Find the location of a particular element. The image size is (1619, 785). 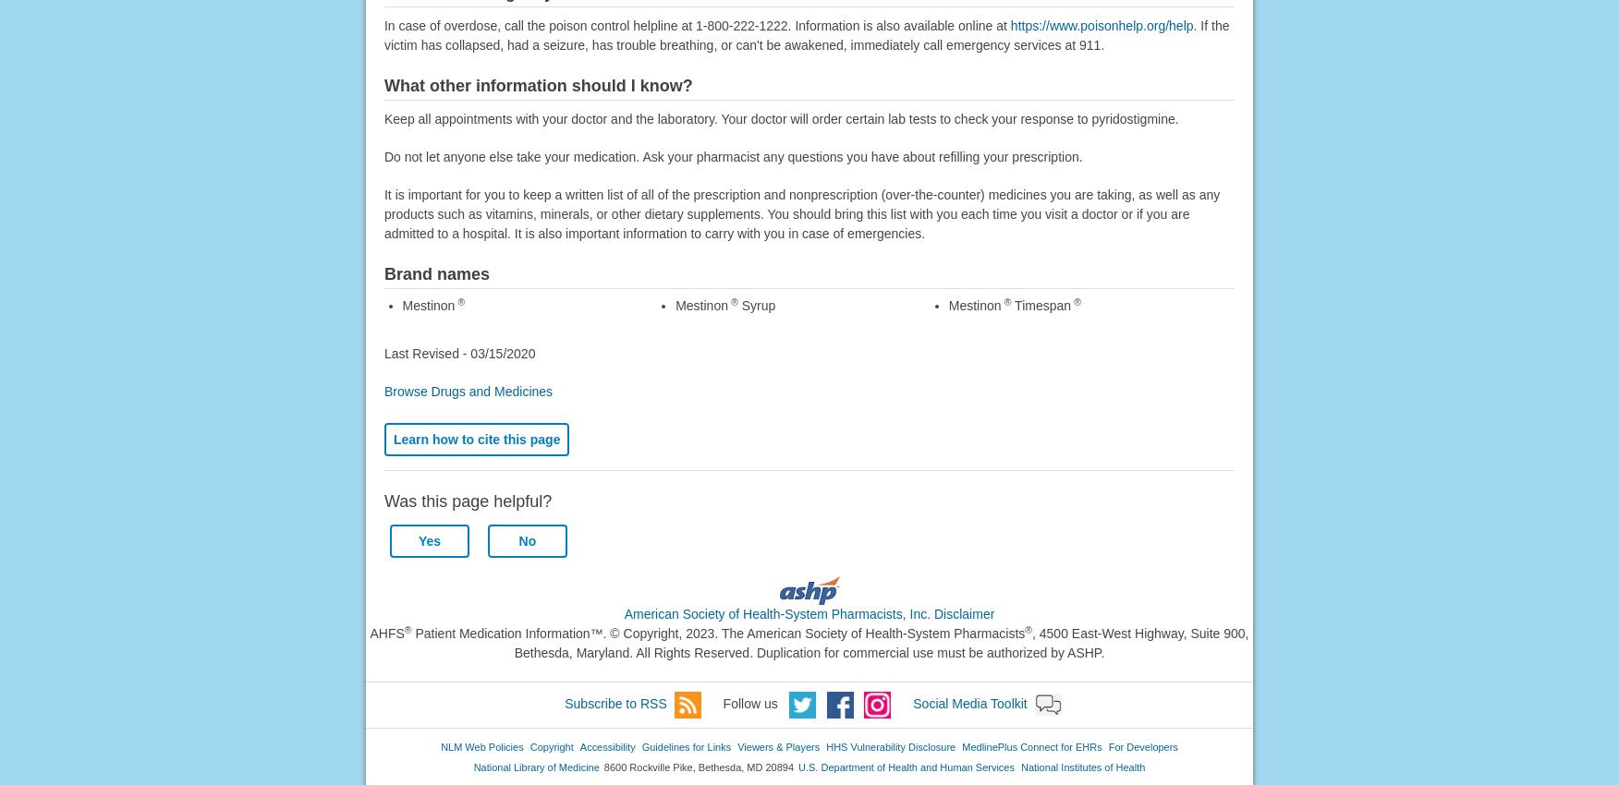

'AHFS' is located at coordinates (385, 632).